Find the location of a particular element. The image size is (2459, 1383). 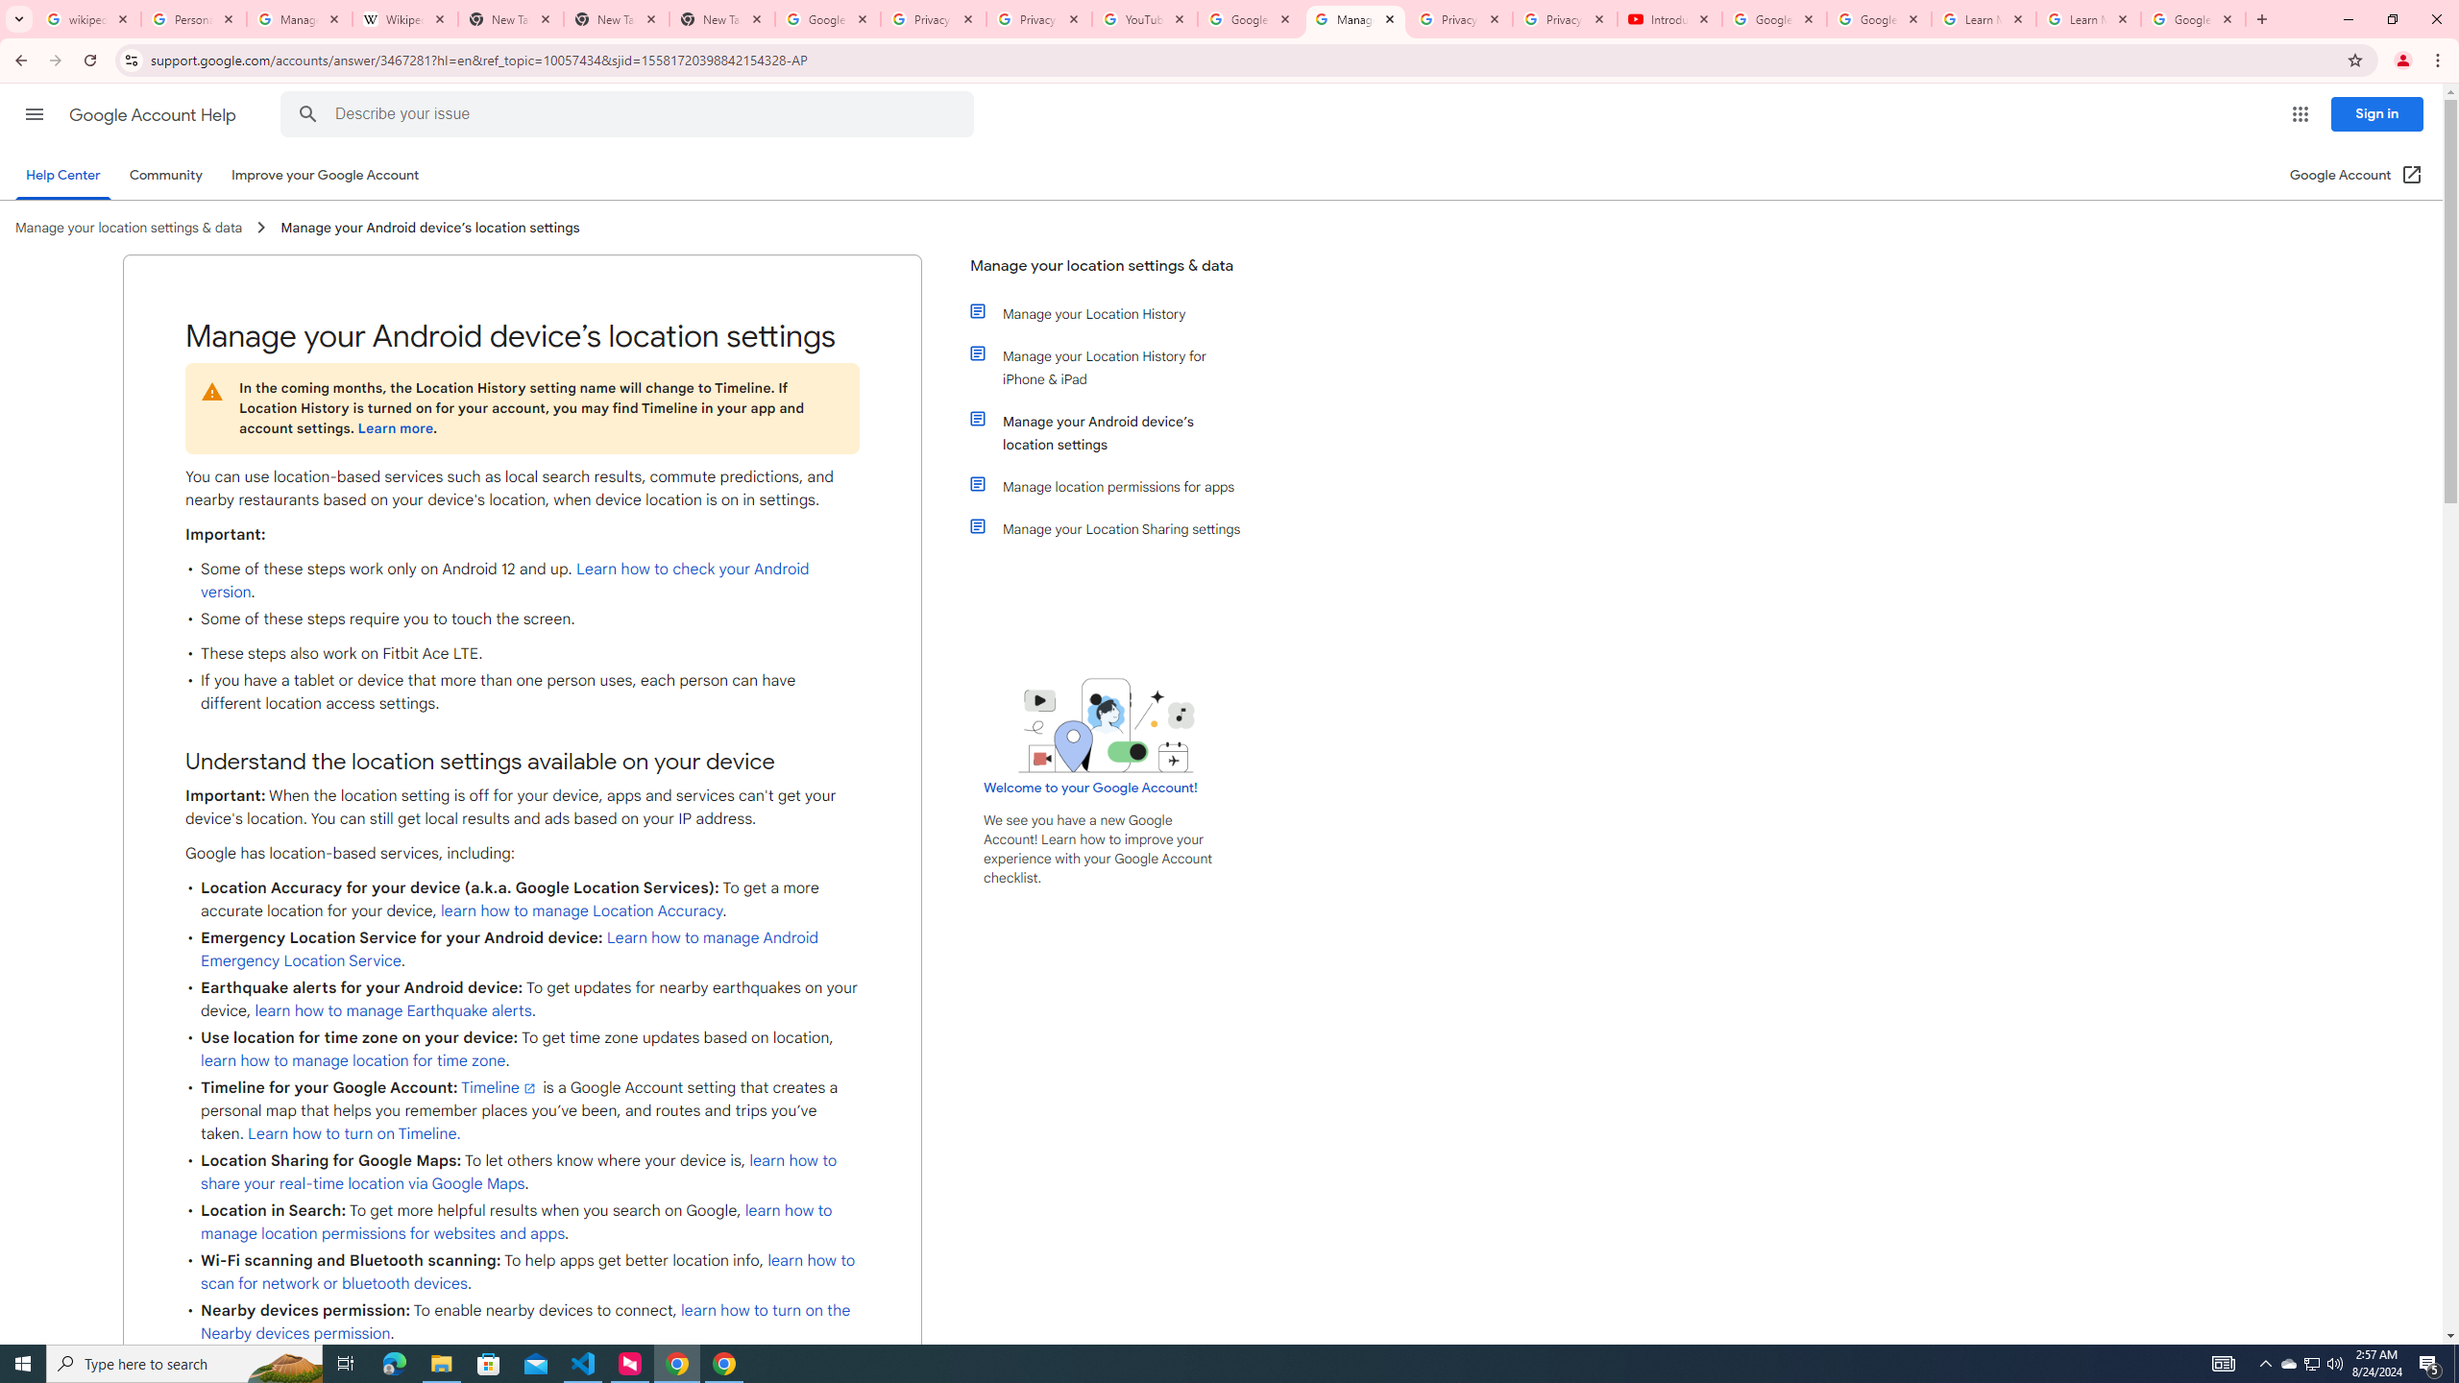

'Manage your Location History' is located at coordinates (1116, 312).